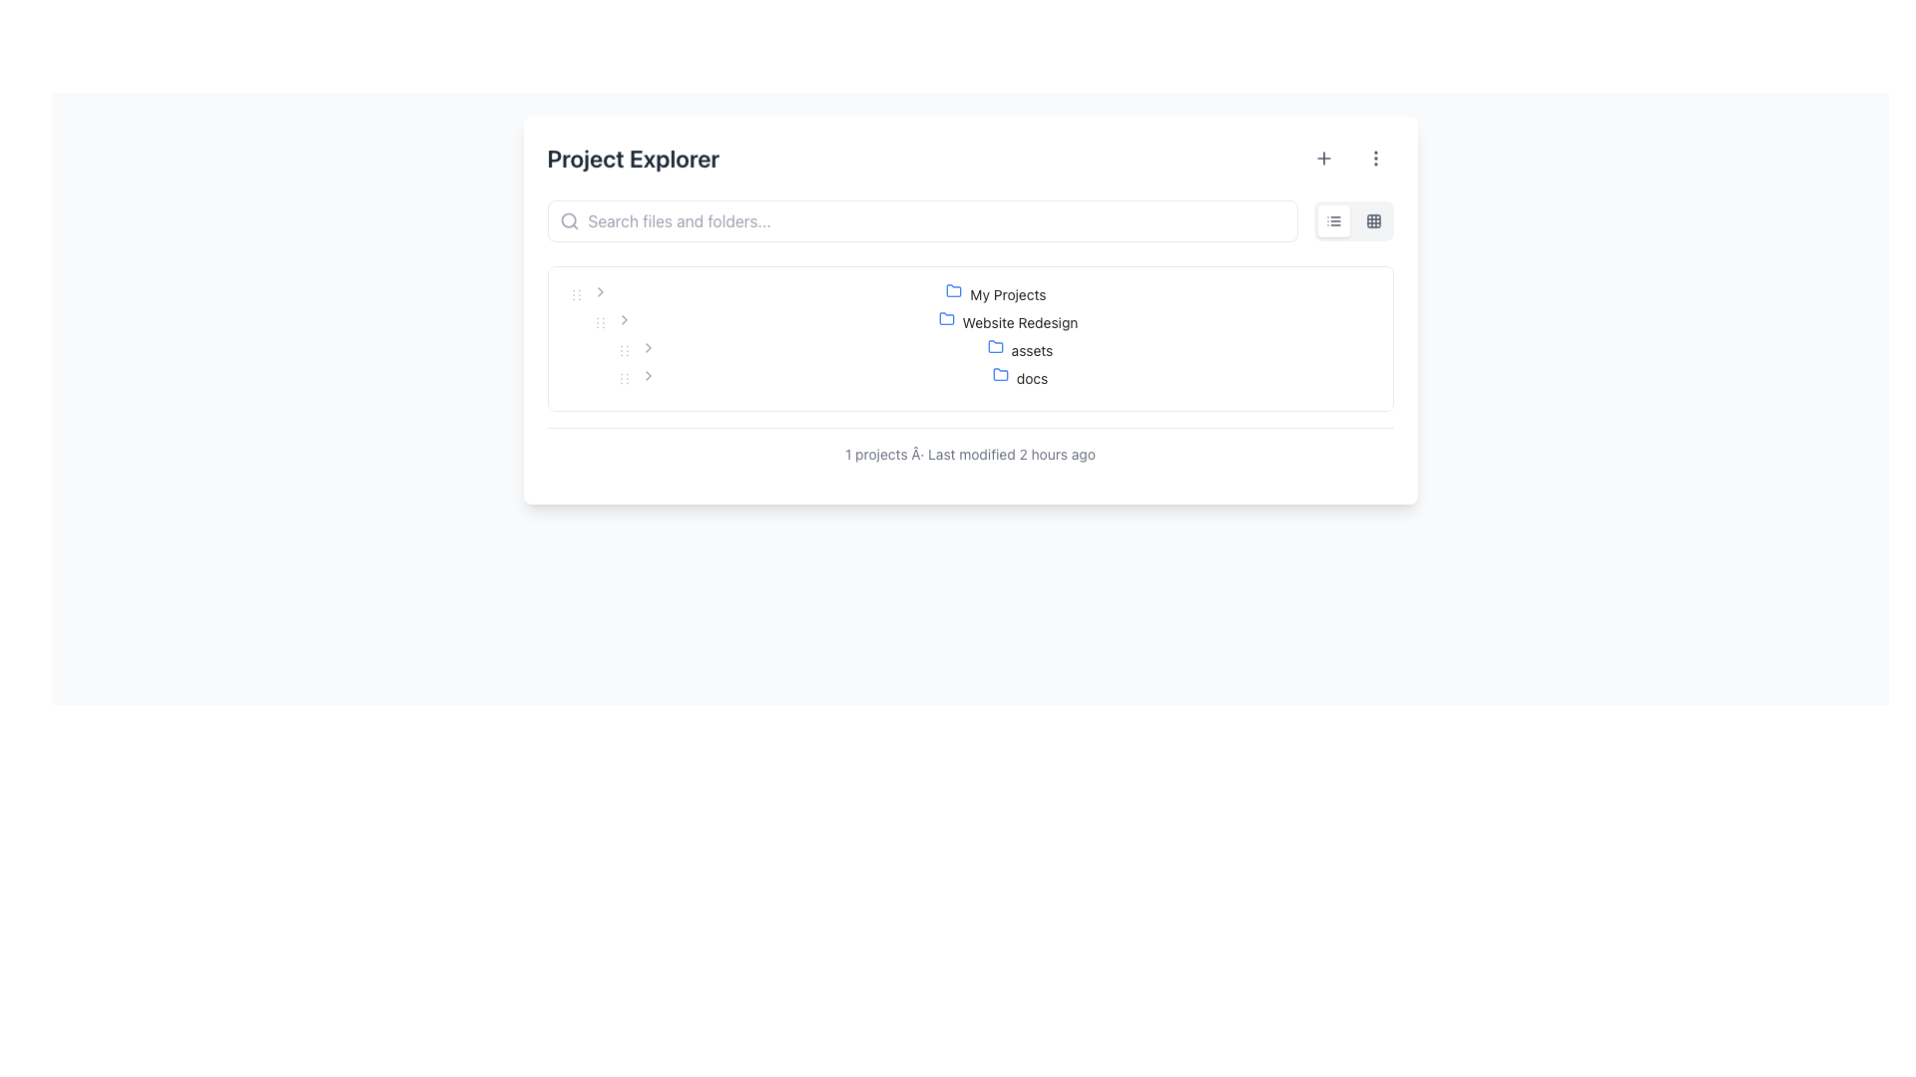 The image size is (1916, 1077). I want to click on the 'My Projects' folder icon, so click(970, 295).